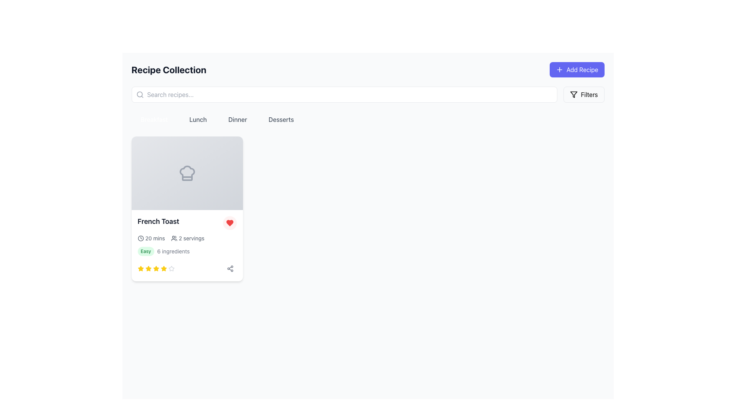  Describe the element at coordinates (229, 223) in the screenshot. I see `the heart icon located in the upper-right region of the 'French Toast' recipe card to favorite or unfavorite the recipe` at that location.